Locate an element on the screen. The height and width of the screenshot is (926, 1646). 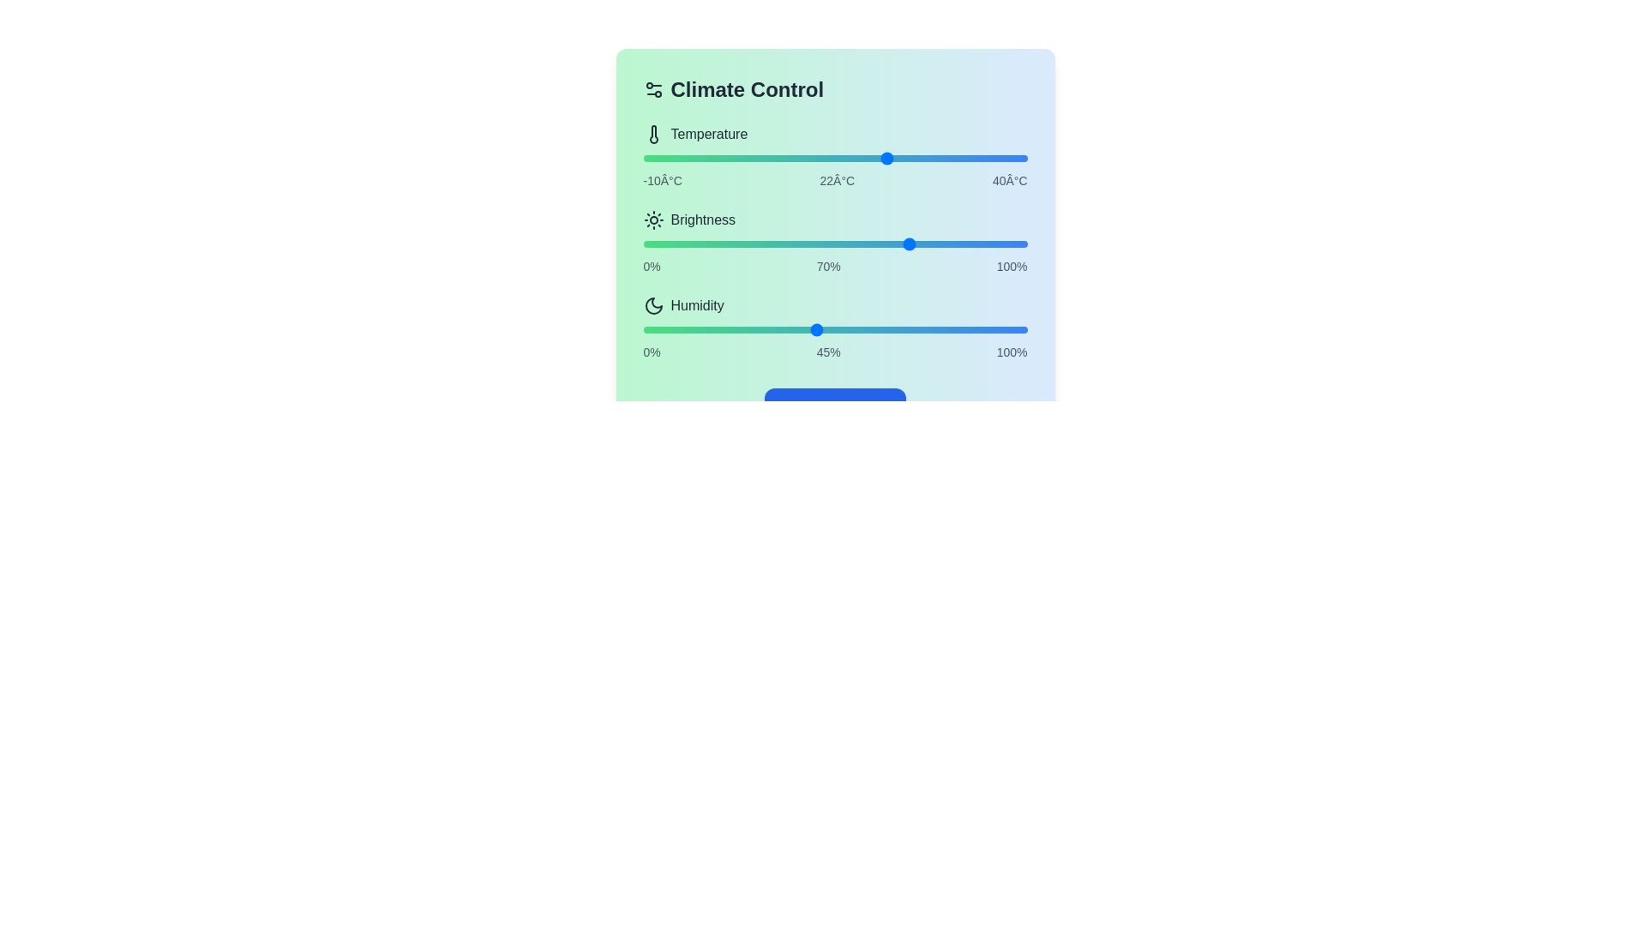
the Text Label that indicates the current value of the 'Humidity' slider, which shows a 45% setting is located at coordinates (828, 352).